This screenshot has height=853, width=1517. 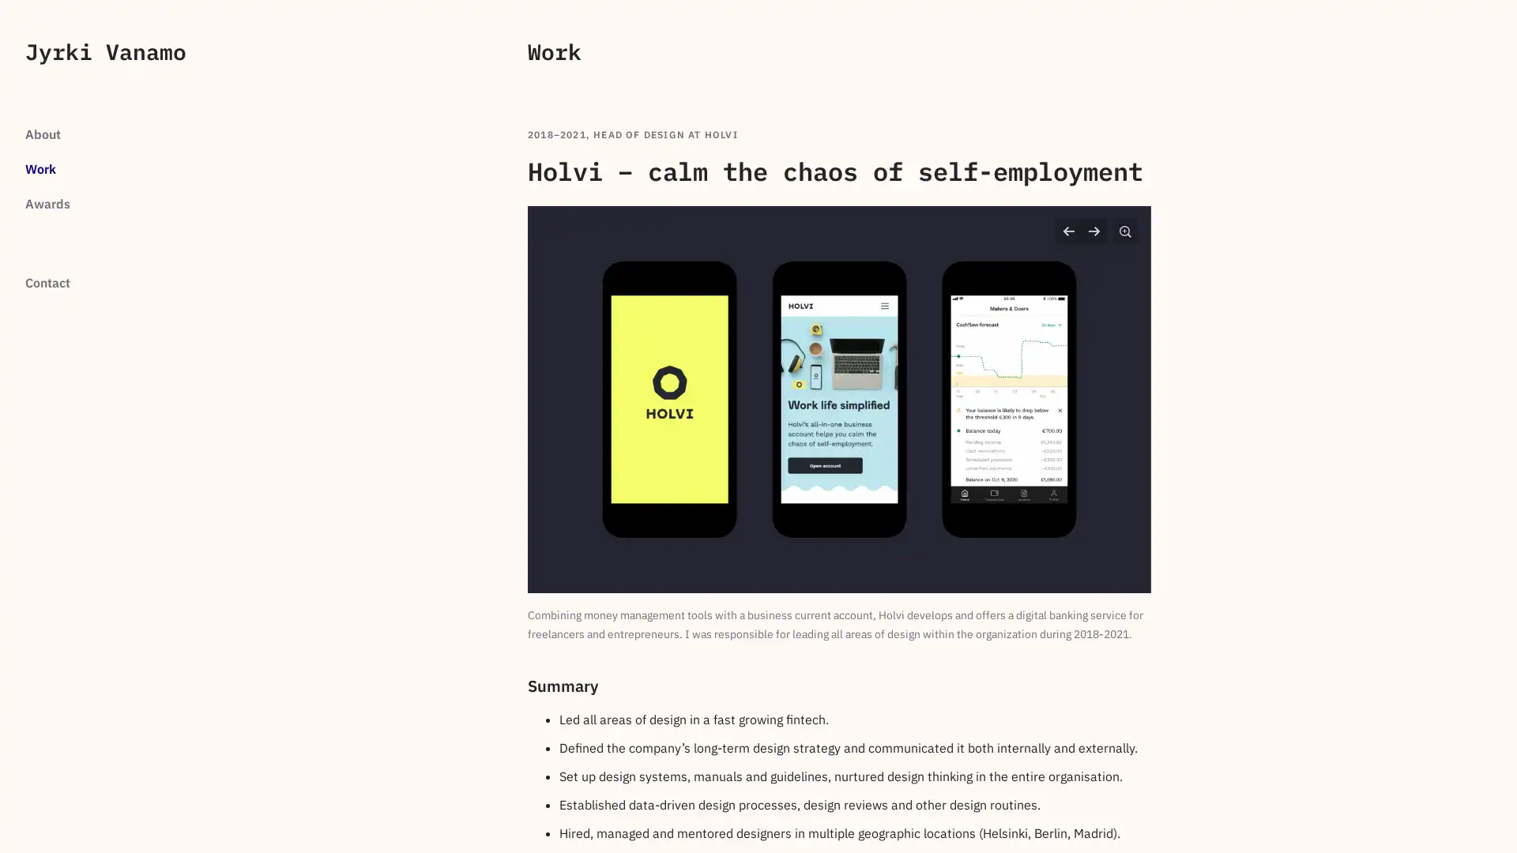 What do you see at coordinates (1125, 231) in the screenshot?
I see `Zoom in` at bounding box center [1125, 231].